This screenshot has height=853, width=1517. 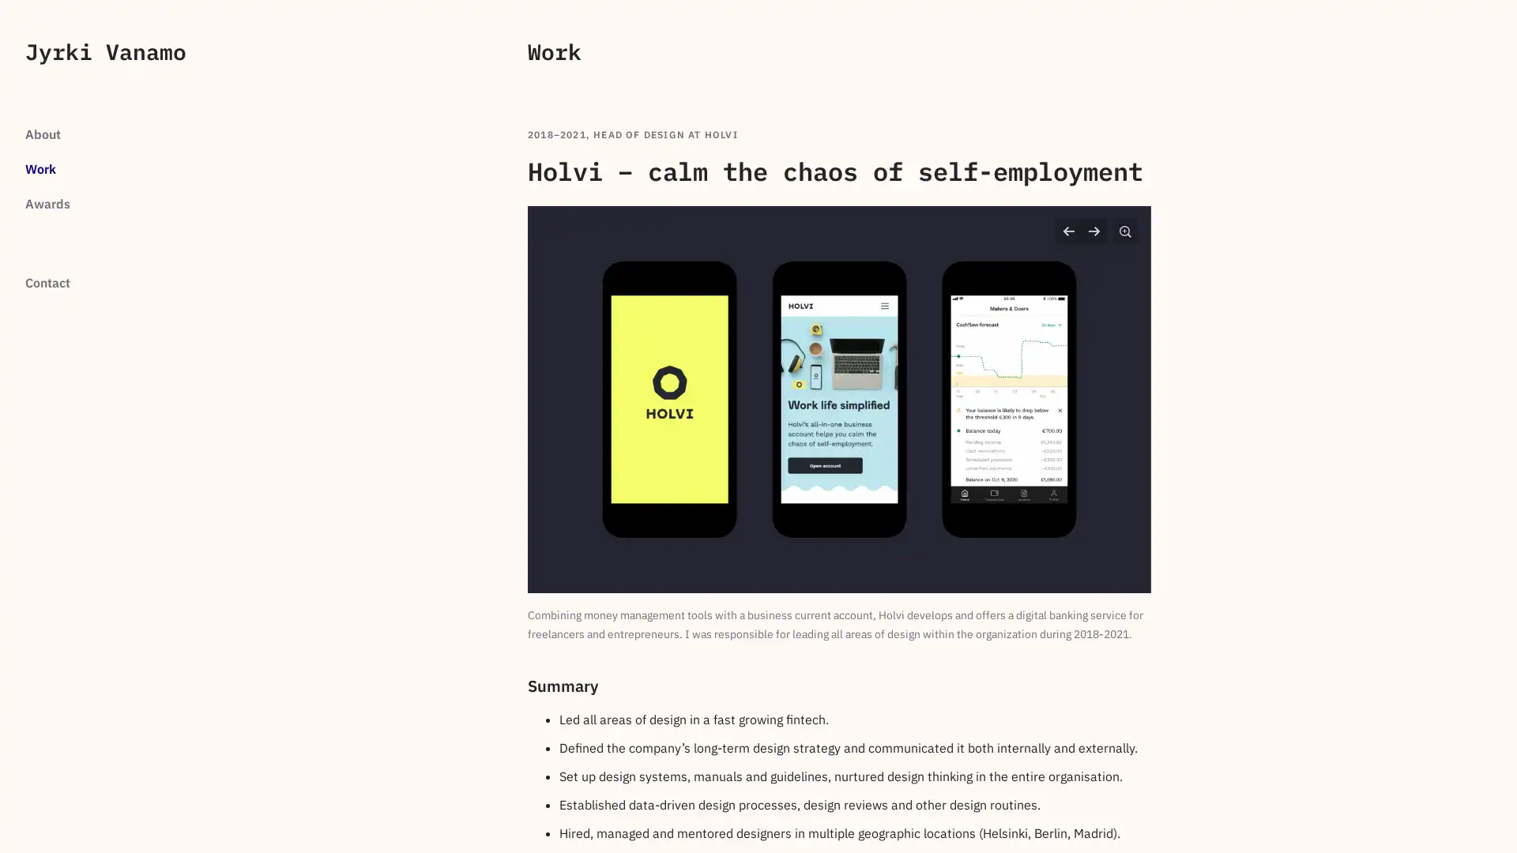 What do you see at coordinates (1125, 231) in the screenshot?
I see `Zoom in` at bounding box center [1125, 231].